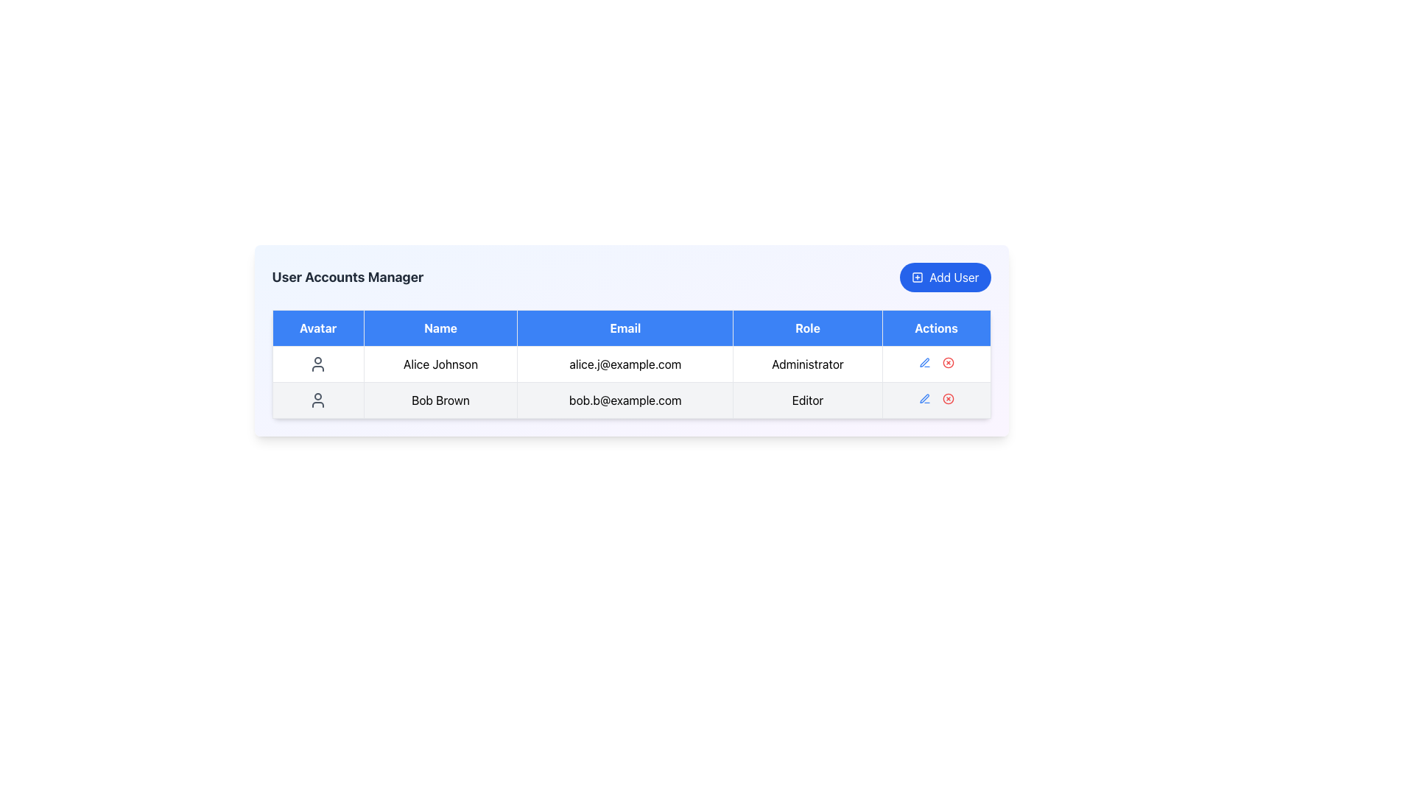 The image size is (1414, 795). What do you see at coordinates (945, 278) in the screenshot?
I see `the button used to add a new user entry in the 'User Accounts Manager' section for accessibility interaction` at bounding box center [945, 278].